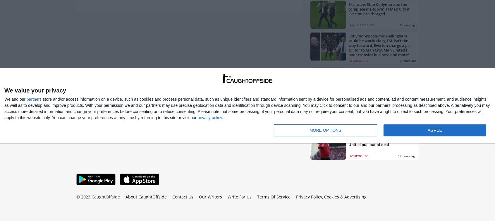 This screenshot has width=495, height=221. I want to click on 'Liverpool favourites to sign highly-rated 22-year-old defender as Man United pull out of deal', so click(379, 139).